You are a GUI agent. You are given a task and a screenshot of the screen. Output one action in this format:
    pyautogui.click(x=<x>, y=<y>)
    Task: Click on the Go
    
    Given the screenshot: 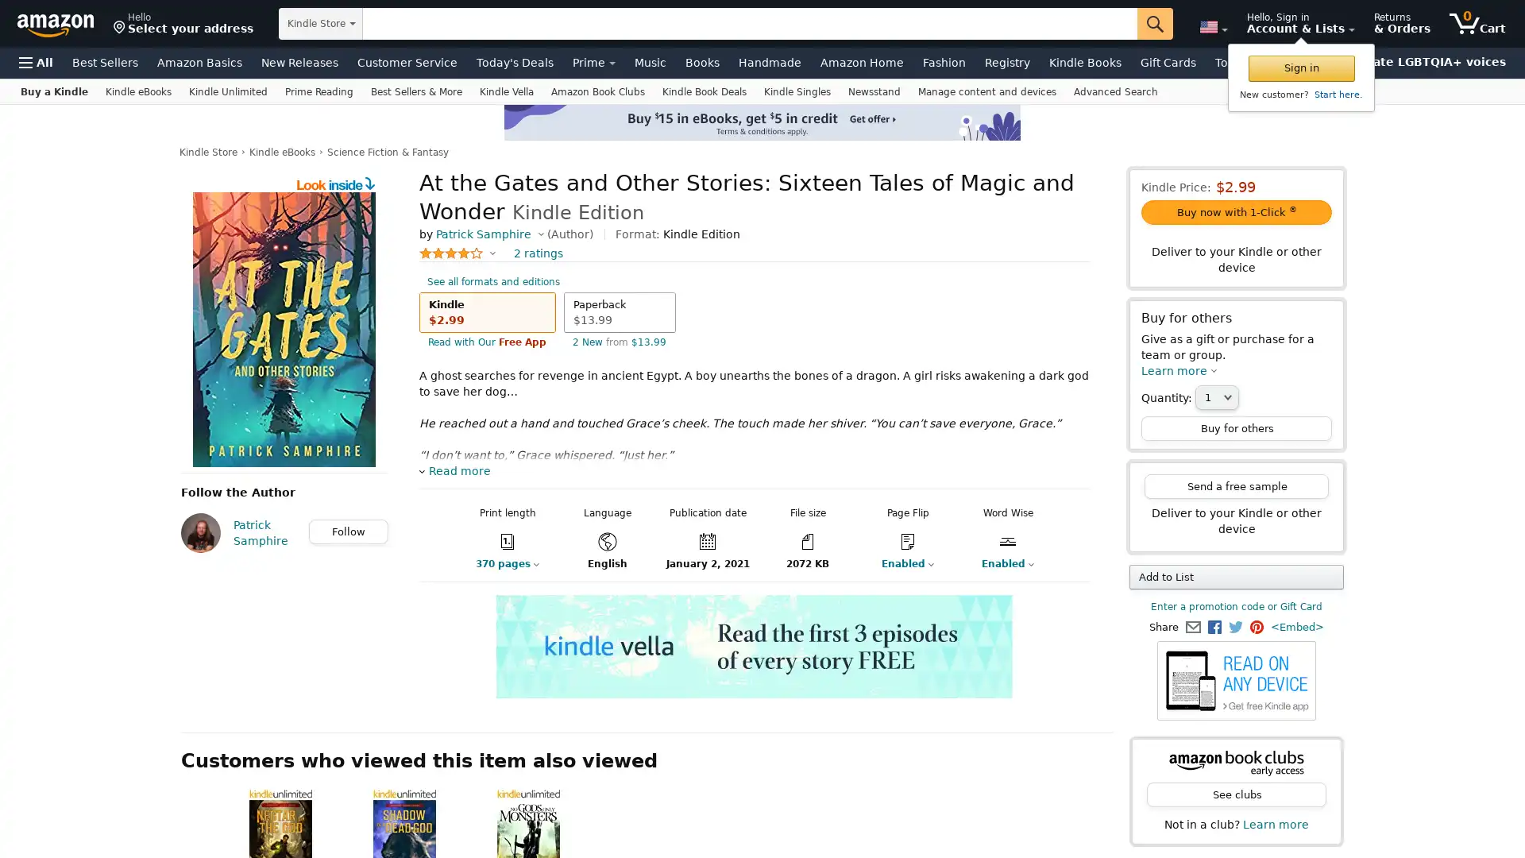 What is the action you would take?
    pyautogui.click(x=1155, y=24)
    